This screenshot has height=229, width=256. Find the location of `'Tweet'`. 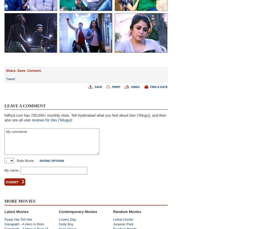

'Tweet' is located at coordinates (10, 79).